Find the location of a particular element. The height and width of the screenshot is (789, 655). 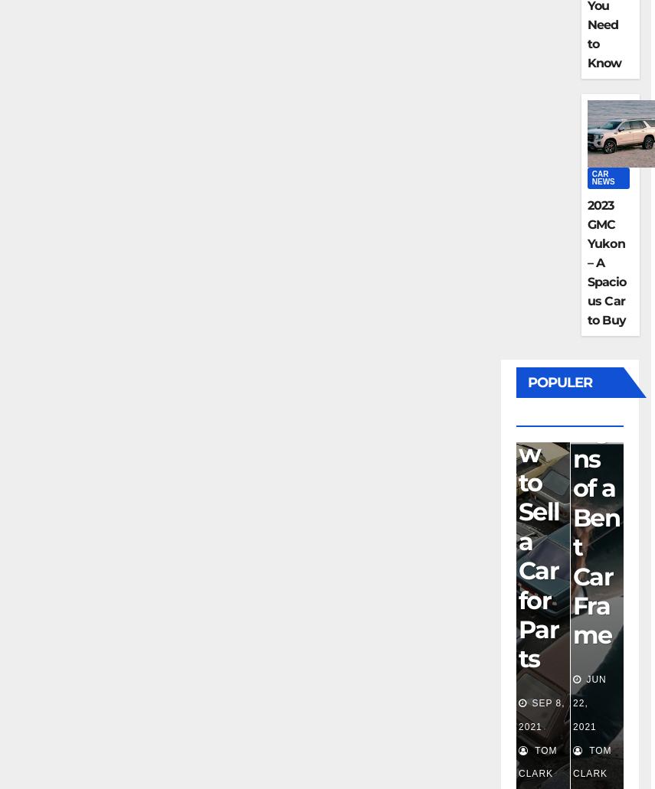

'Dec 21, 2022' is located at coordinates (589, 703).